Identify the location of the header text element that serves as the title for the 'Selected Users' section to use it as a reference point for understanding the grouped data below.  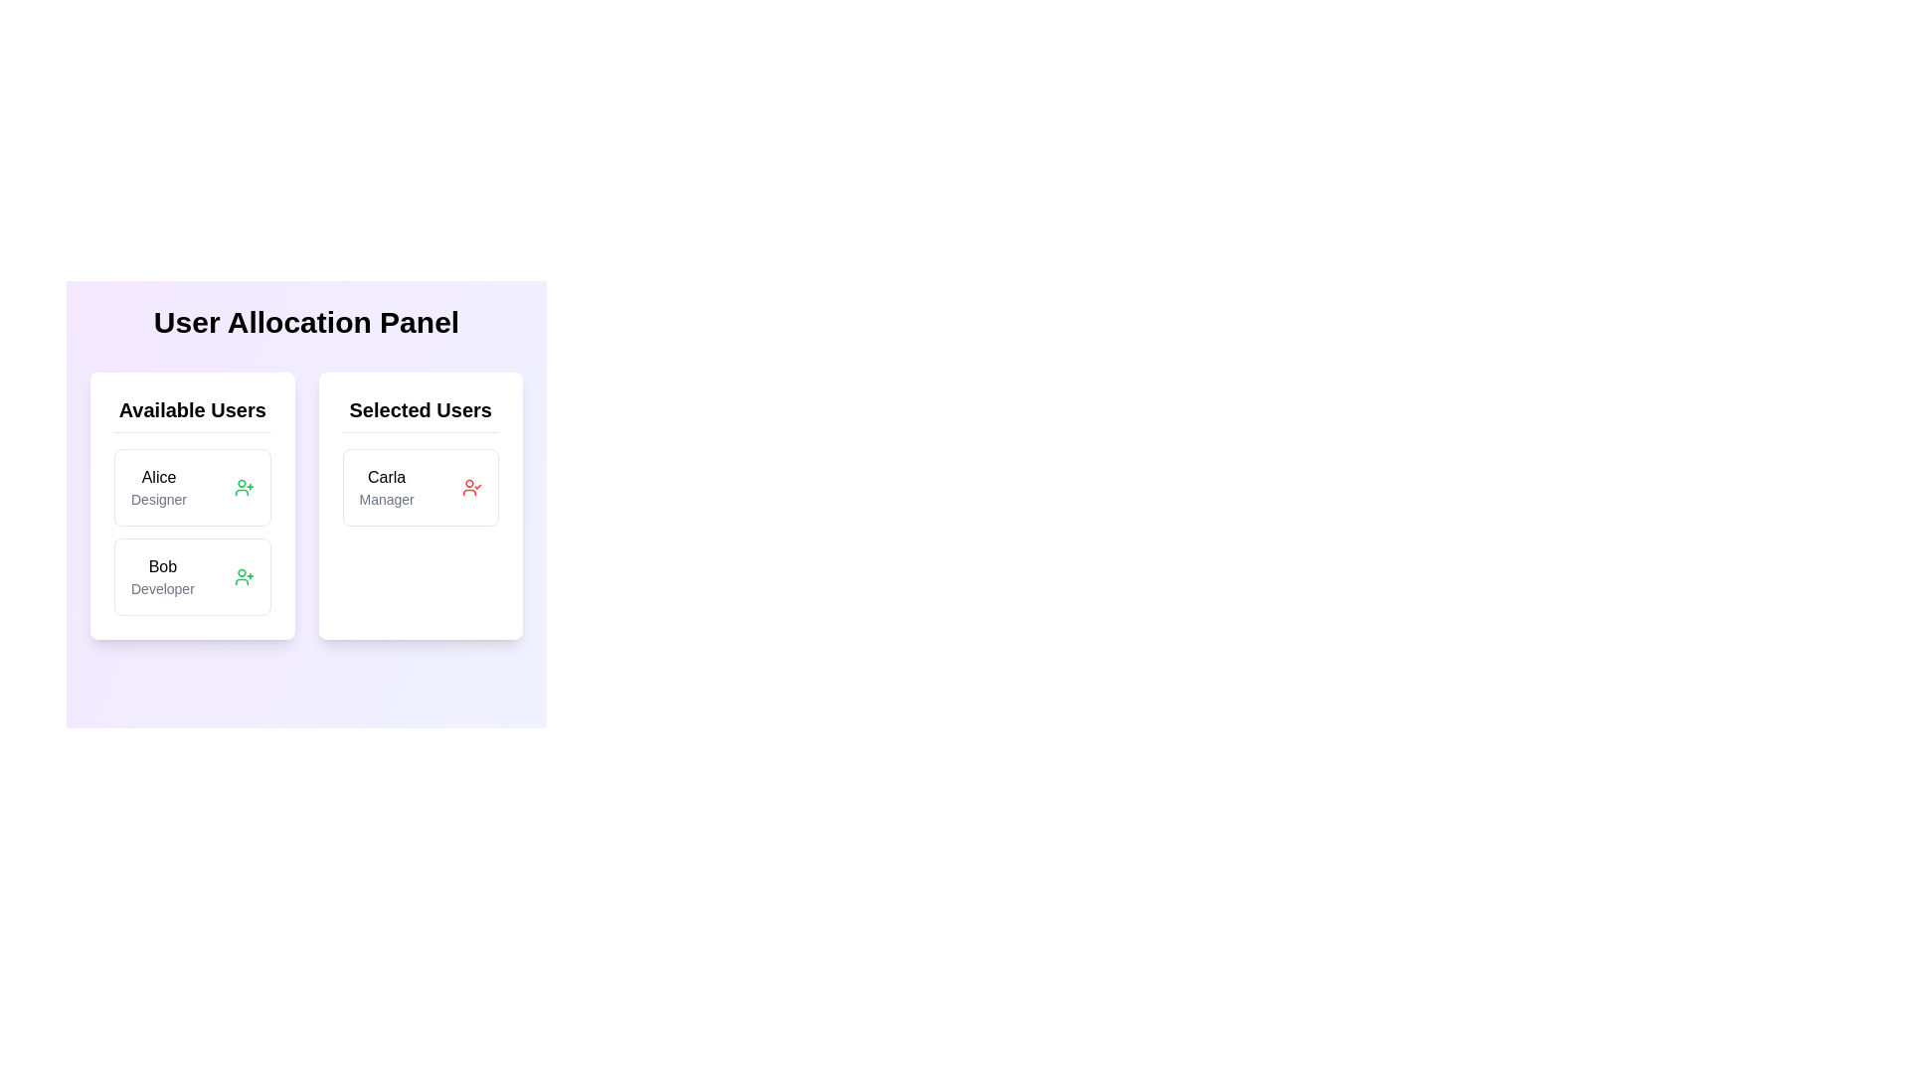
(420, 413).